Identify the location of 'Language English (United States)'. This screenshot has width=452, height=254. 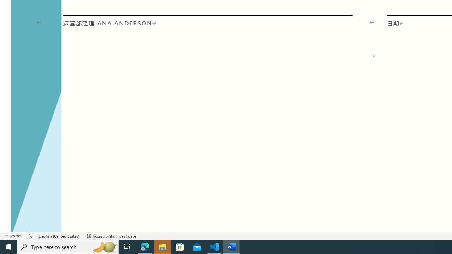
(59, 236).